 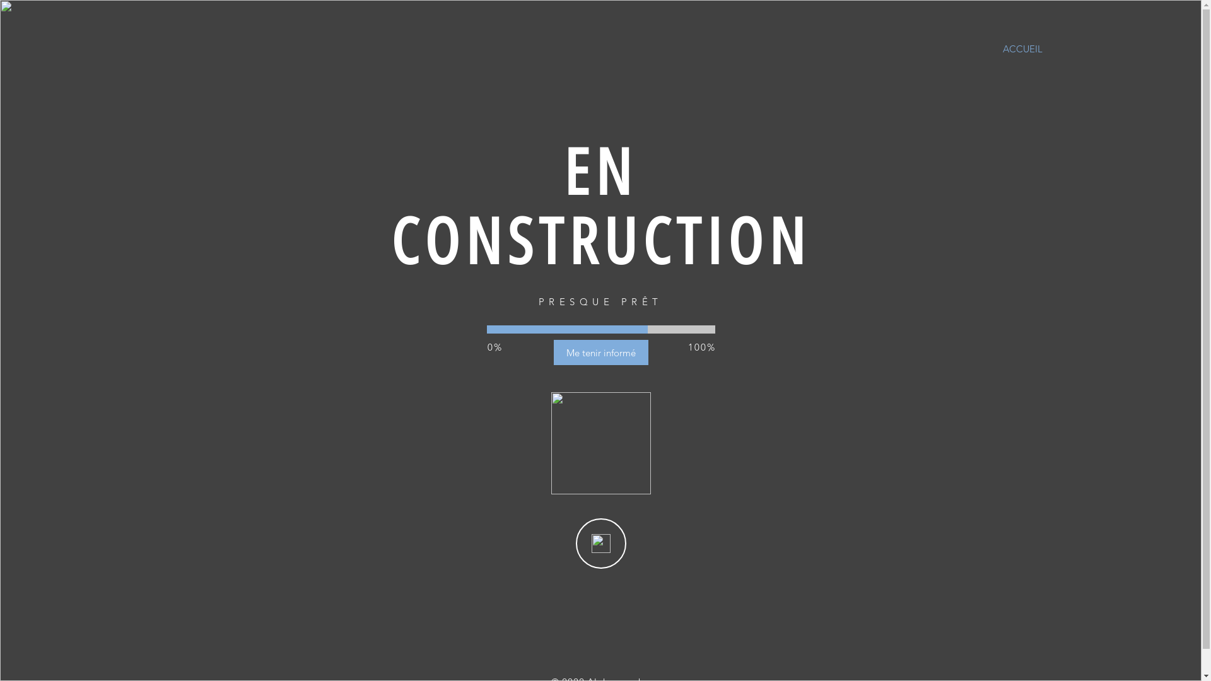 I want to click on 'EnjoyTheSilence copie.png', so click(x=551, y=442).